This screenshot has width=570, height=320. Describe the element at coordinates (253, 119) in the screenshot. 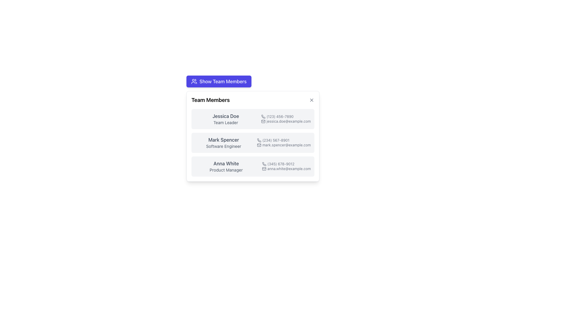

I see `any interactive elements inside the Information card item, which provides detailed information about a team member and is the first entry in the 'Team Members' card` at that location.